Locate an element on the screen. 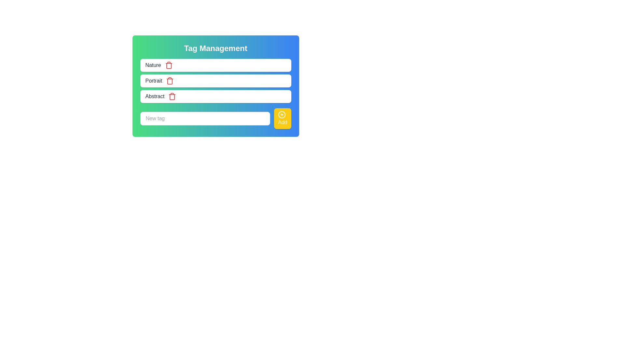  the tag labeled 'Nature' by clicking the corresponding 'Trash' icon is located at coordinates (169, 65).